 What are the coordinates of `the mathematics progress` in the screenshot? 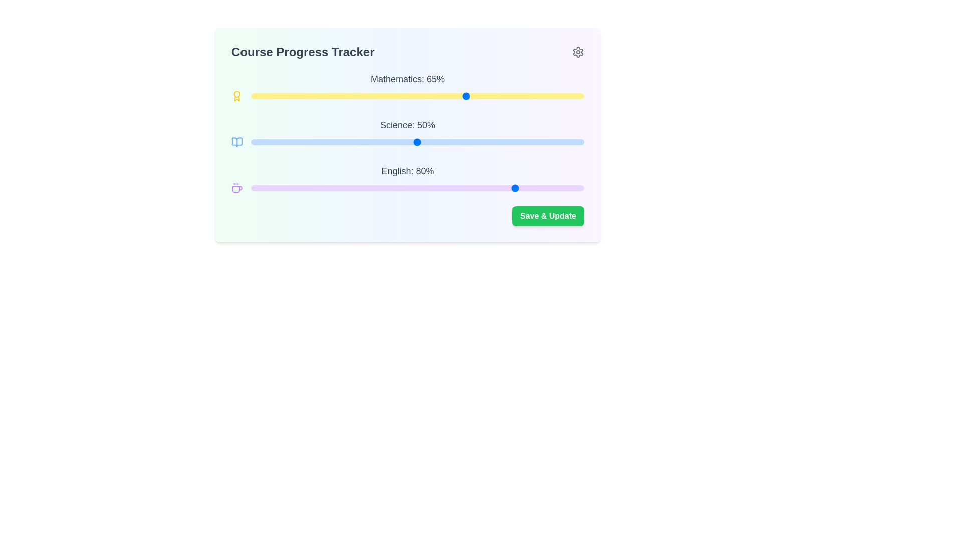 It's located at (557, 96).